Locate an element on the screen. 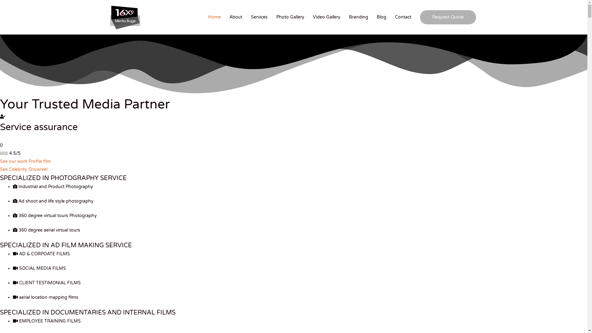  'About' is located at coordinates (235, 17).